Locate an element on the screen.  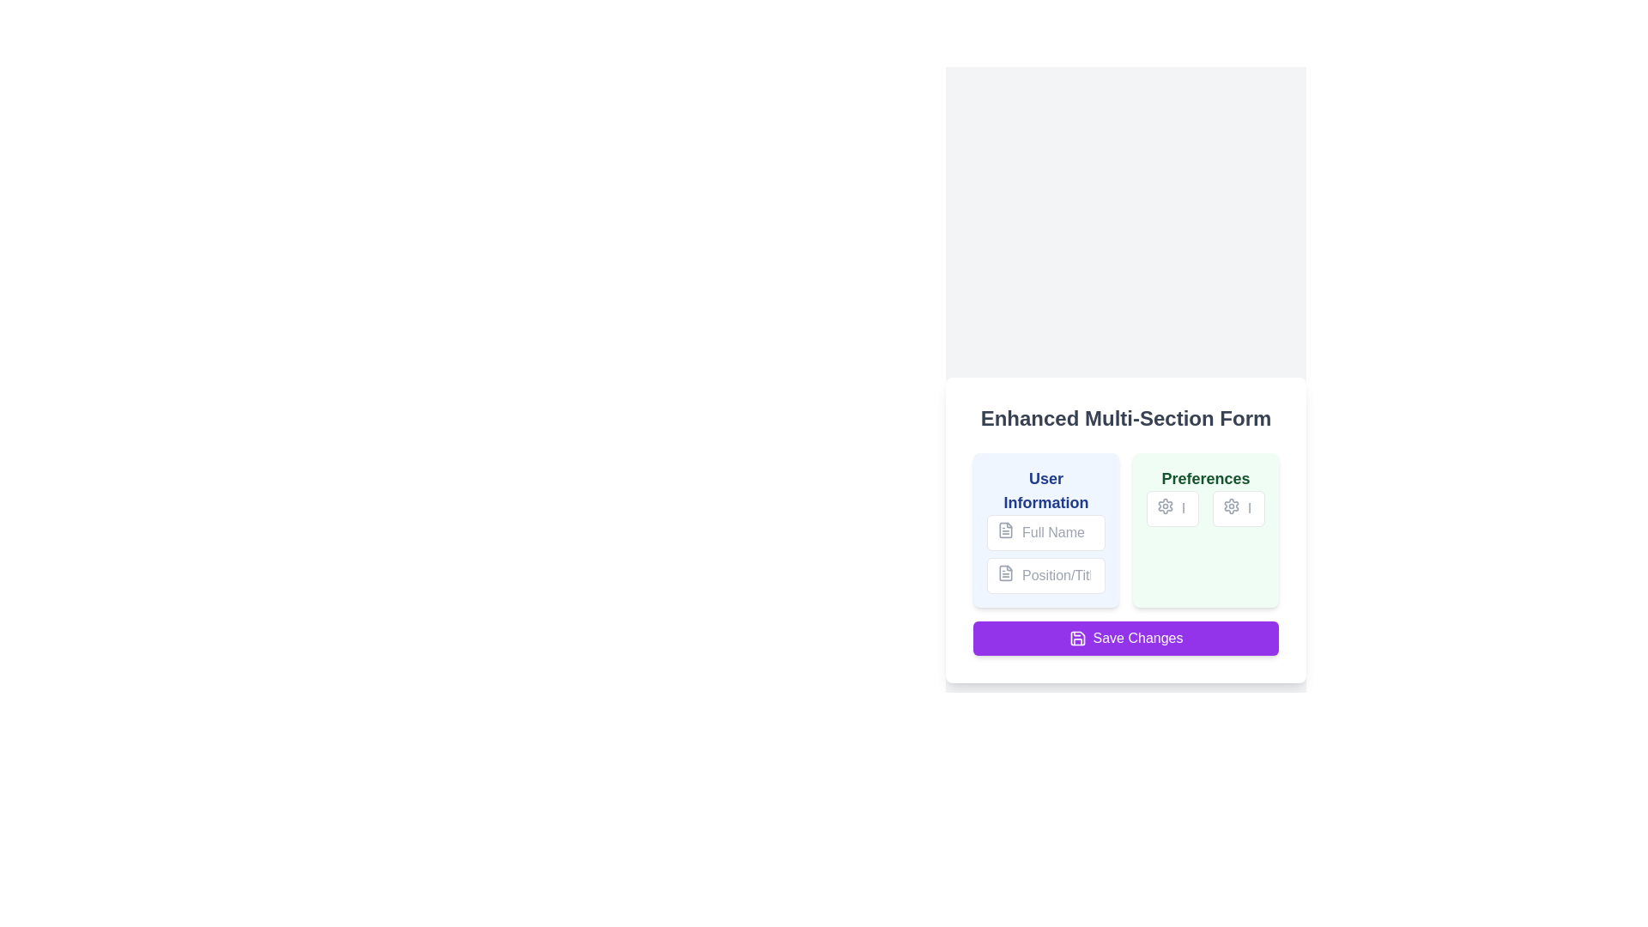
the document/file icon located next to the 'Position/Title' text field in the 'User Information' section of the form is located at coordinates (1005, 573).